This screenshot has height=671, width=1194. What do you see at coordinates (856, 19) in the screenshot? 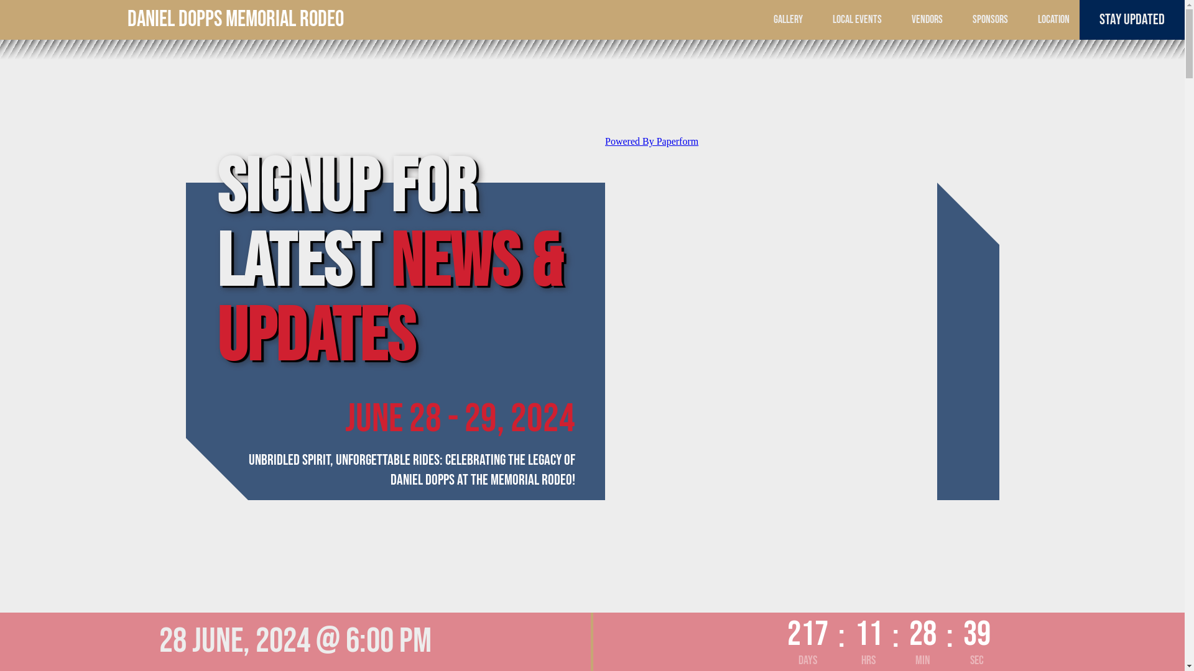
I see `'LOCAL EVENTS'` at bounding box center [856, 19].